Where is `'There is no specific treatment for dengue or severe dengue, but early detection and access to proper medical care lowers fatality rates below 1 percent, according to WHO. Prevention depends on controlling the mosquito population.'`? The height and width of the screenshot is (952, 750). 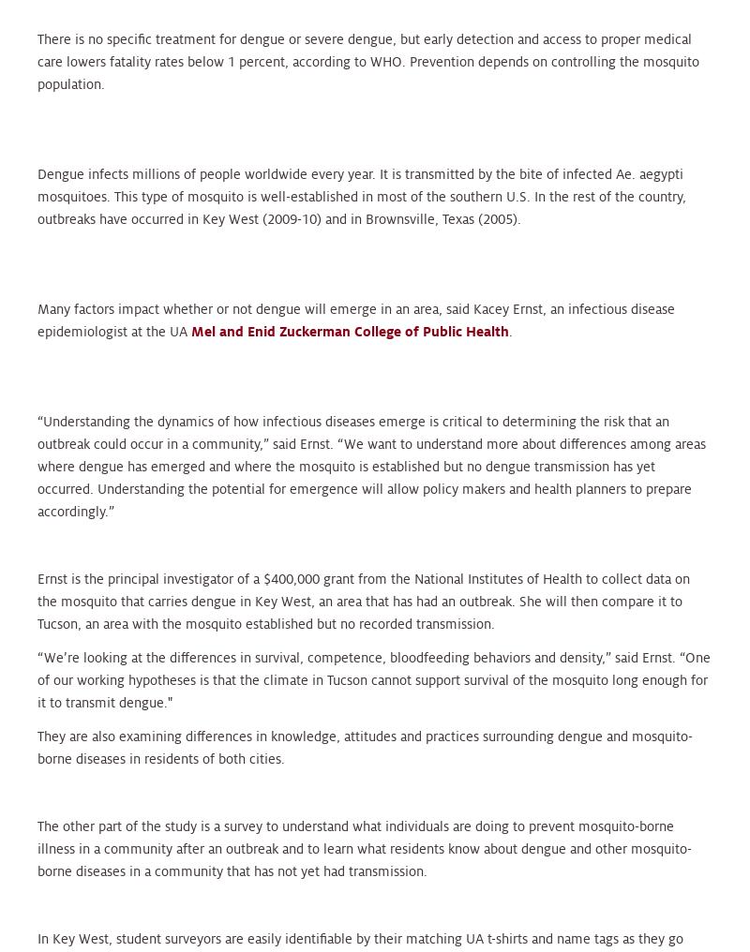 'There is no specific treatment for dengue or severe dengue, but early detection and access to proper medical care lowers fatality rates below 1 percent, according to WHO. Prevention depends on controlling the mosquito population.' is located at coordinates (367, 61).